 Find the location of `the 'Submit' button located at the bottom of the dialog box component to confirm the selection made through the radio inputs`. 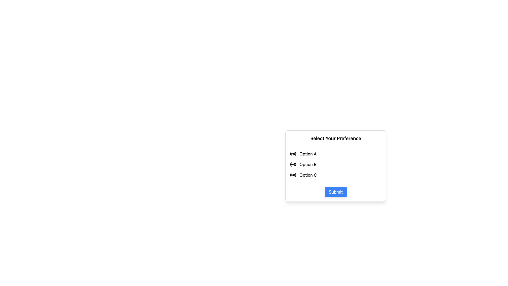

the 'Submit' button located at the bottom of the dialog box component to confirm the selection made through the radio inputs is located at coordinates (335, 194).